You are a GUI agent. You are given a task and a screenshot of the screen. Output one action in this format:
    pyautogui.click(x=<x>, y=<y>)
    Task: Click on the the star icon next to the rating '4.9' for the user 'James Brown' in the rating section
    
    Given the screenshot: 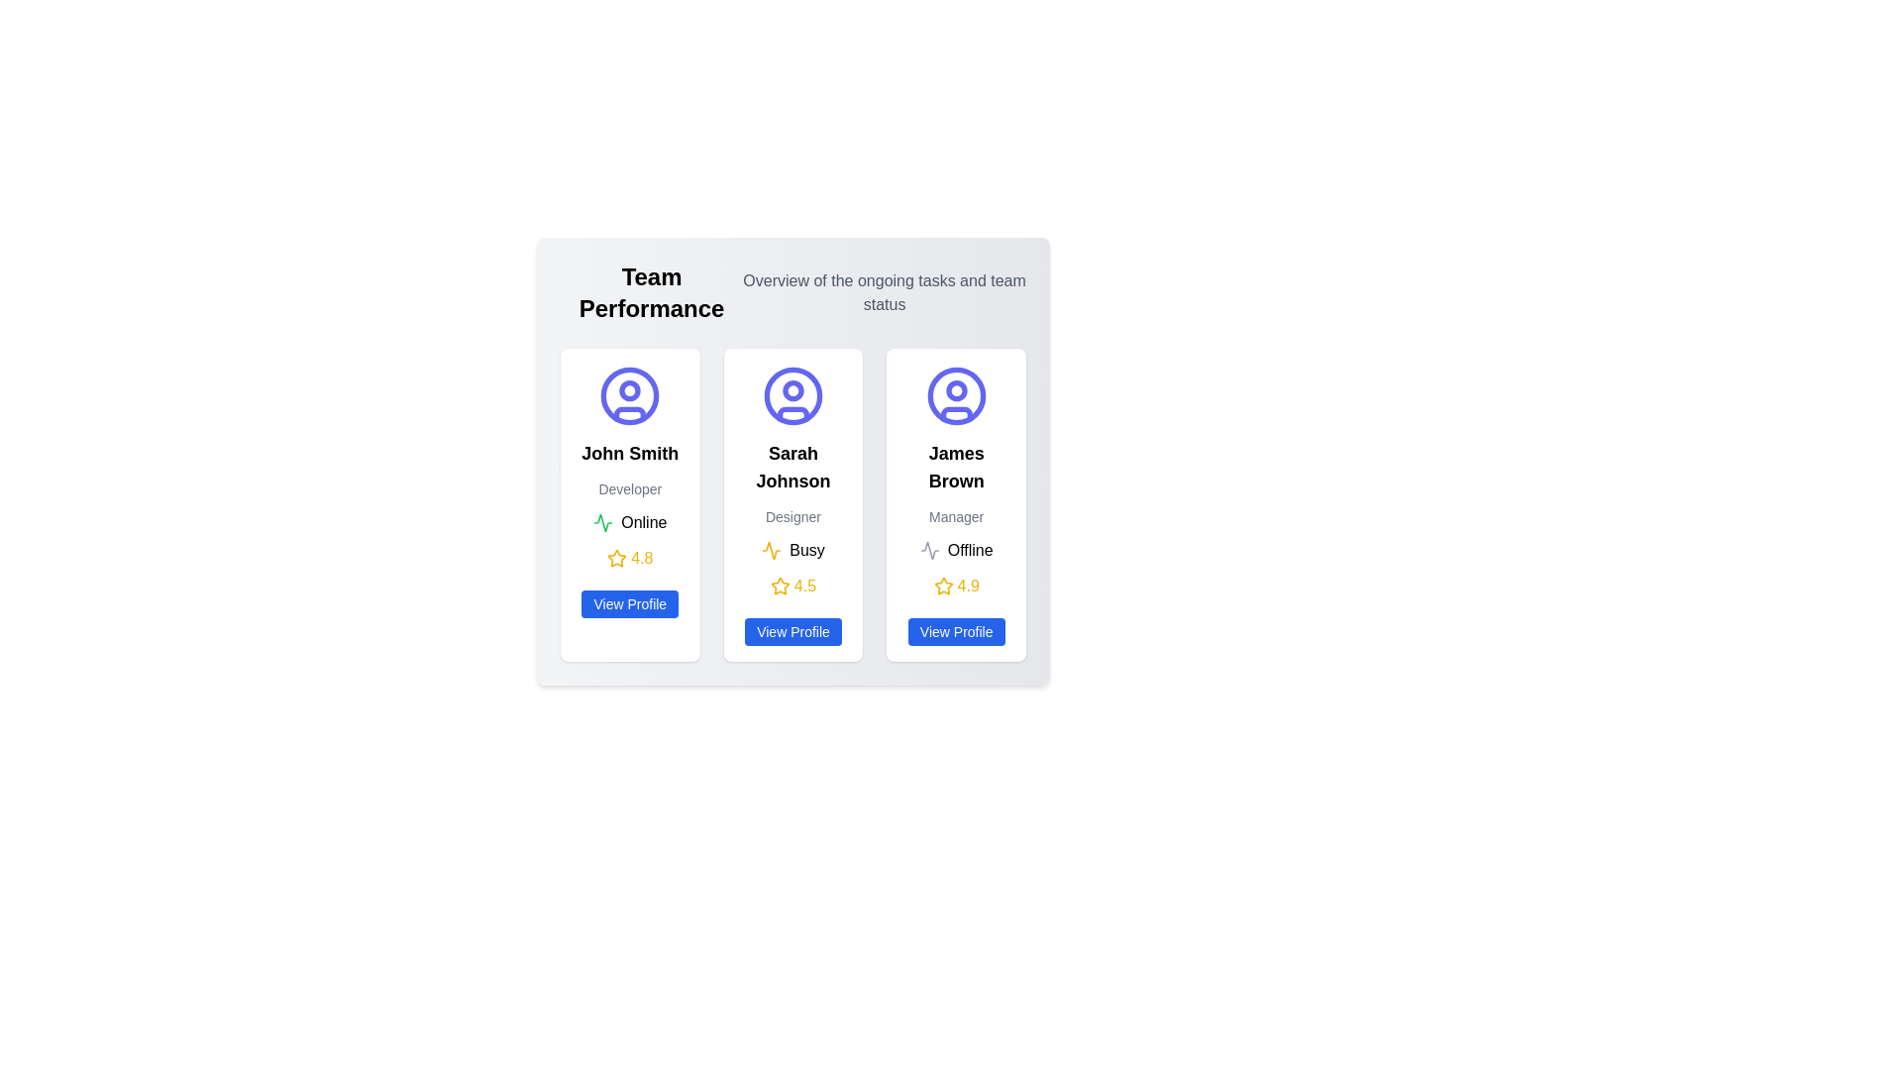 What is the action you would take?
    pyautogui.click(x=942, y=585)
    